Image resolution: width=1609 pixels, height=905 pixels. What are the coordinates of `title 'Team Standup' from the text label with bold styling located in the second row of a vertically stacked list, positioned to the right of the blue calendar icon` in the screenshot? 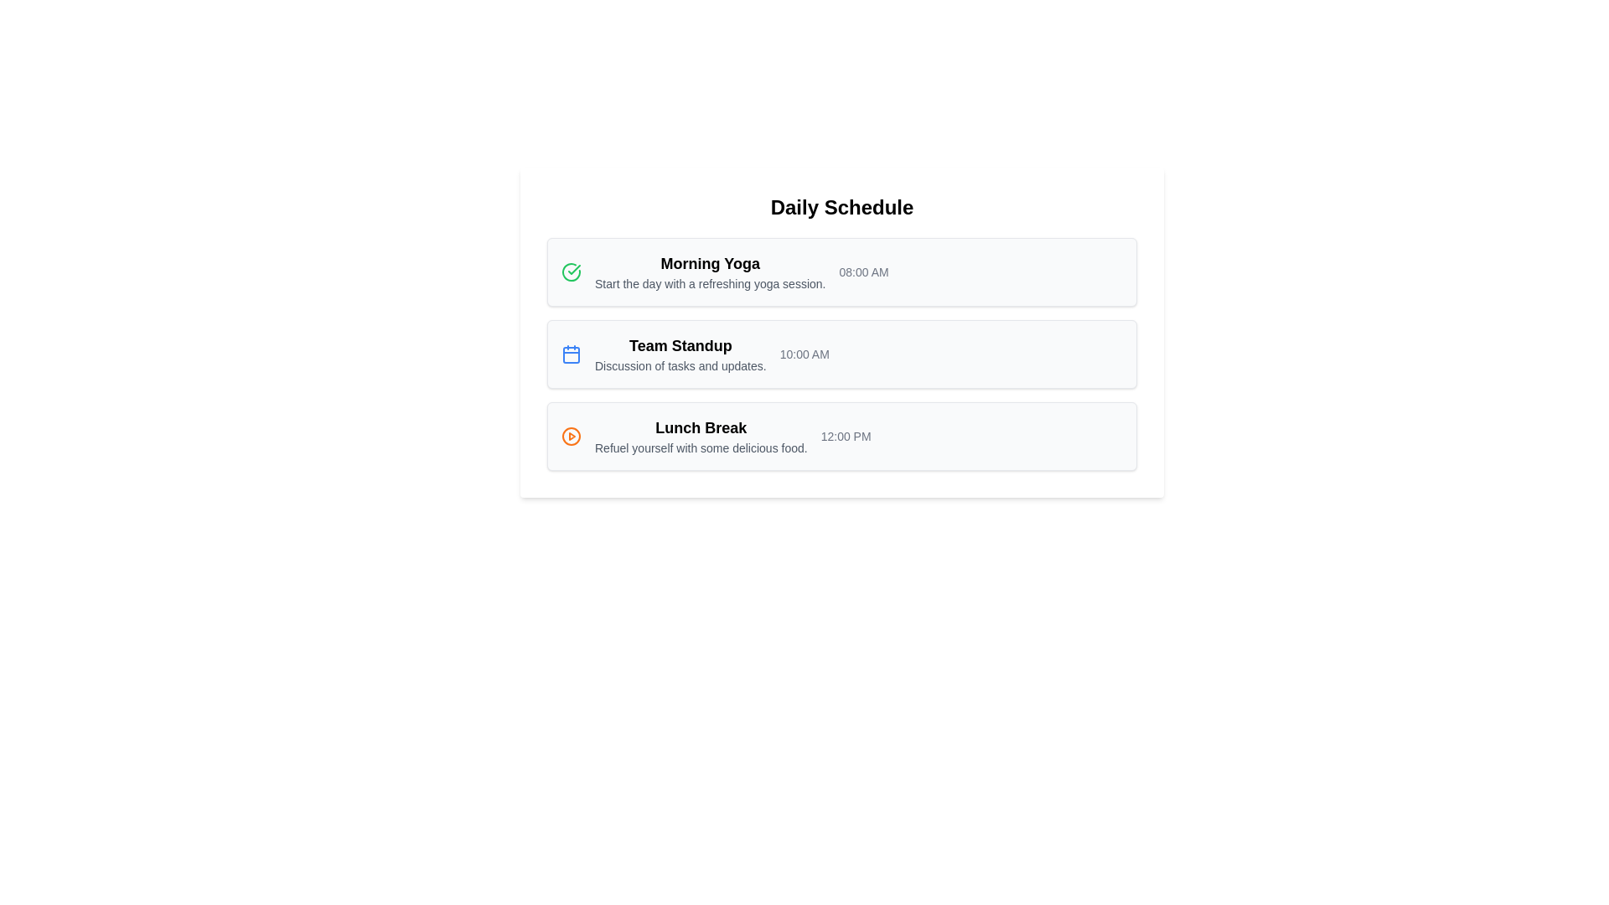 It's located at (680, 344).